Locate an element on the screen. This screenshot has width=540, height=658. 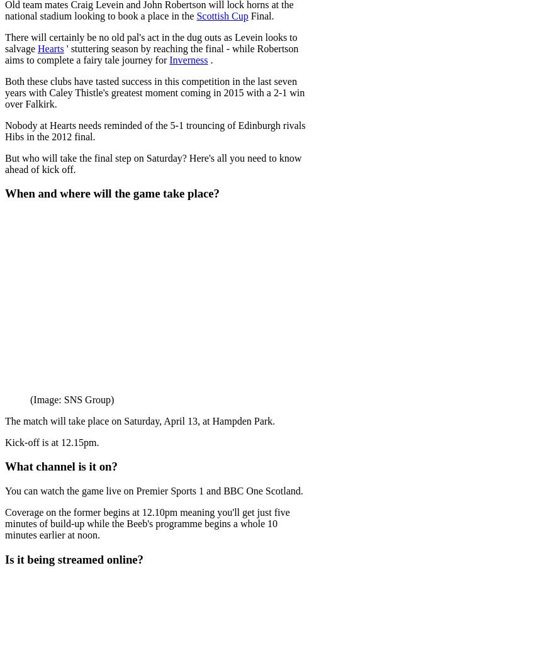
'You can watch the game live on Premier Sports 1 and BBC One Scotland.' is located at coordinates (153, 490).